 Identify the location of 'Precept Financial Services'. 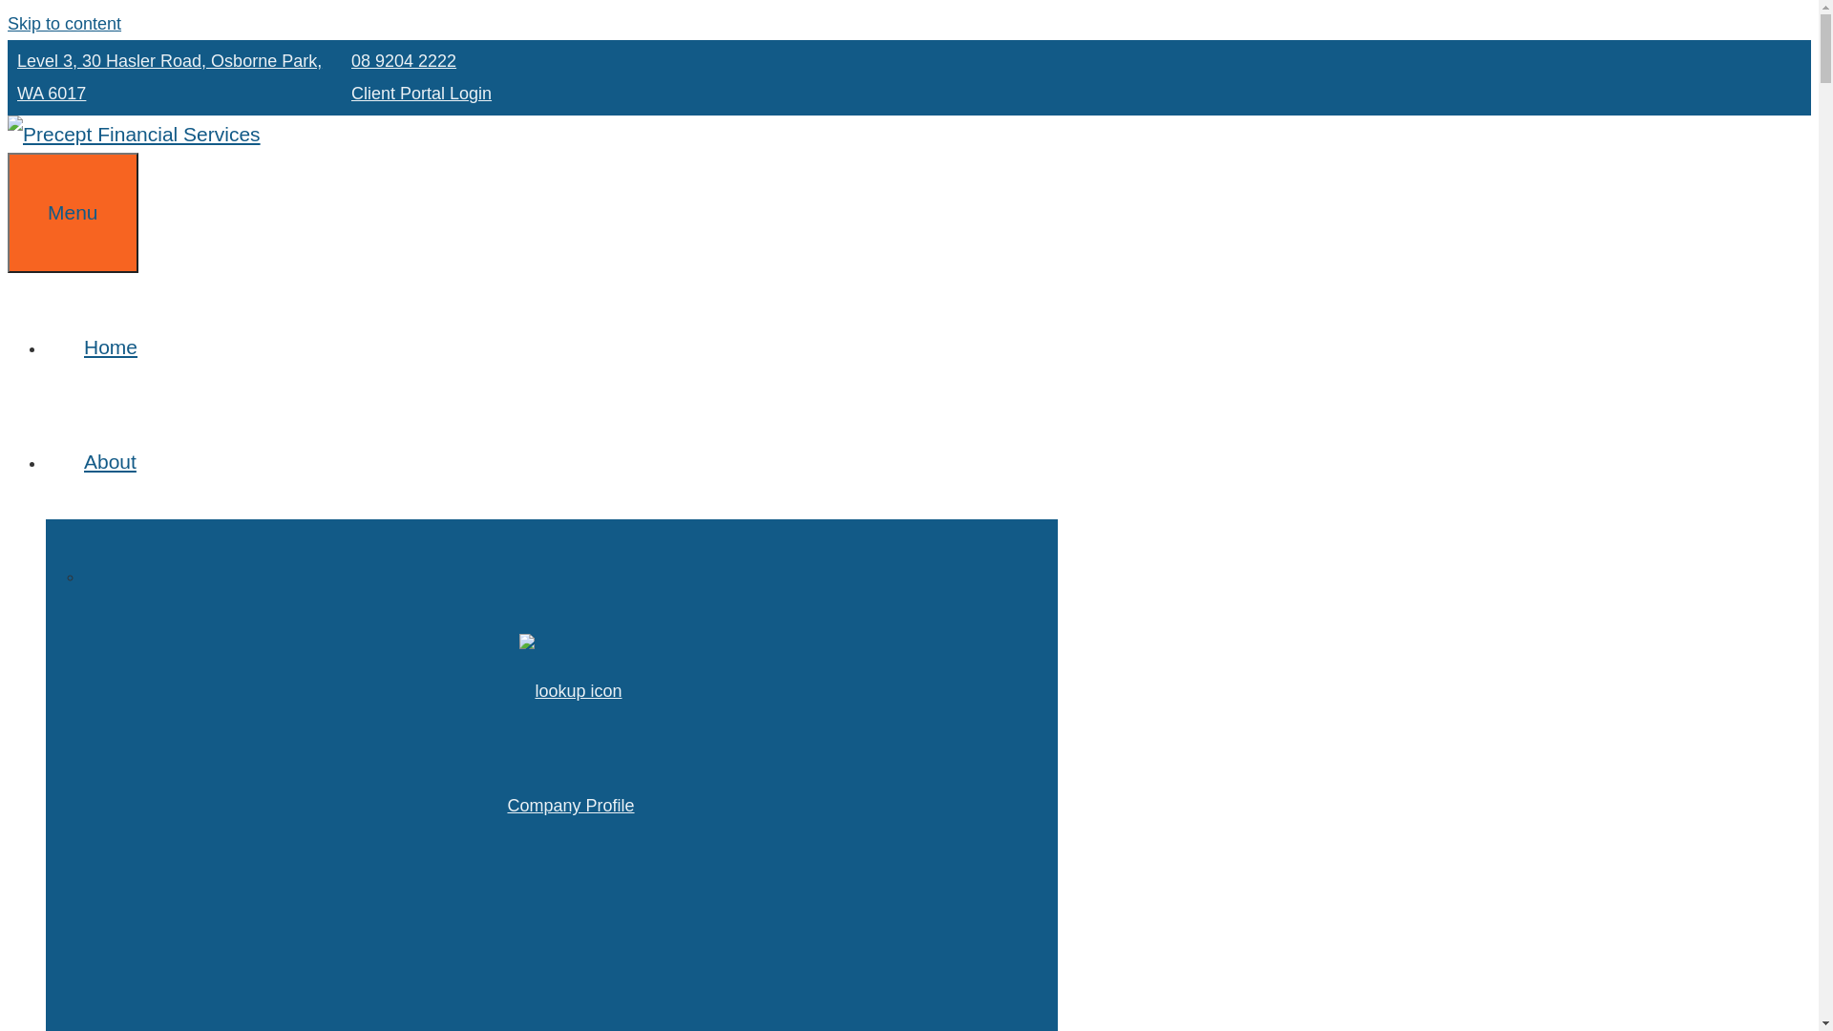
(133, 133).